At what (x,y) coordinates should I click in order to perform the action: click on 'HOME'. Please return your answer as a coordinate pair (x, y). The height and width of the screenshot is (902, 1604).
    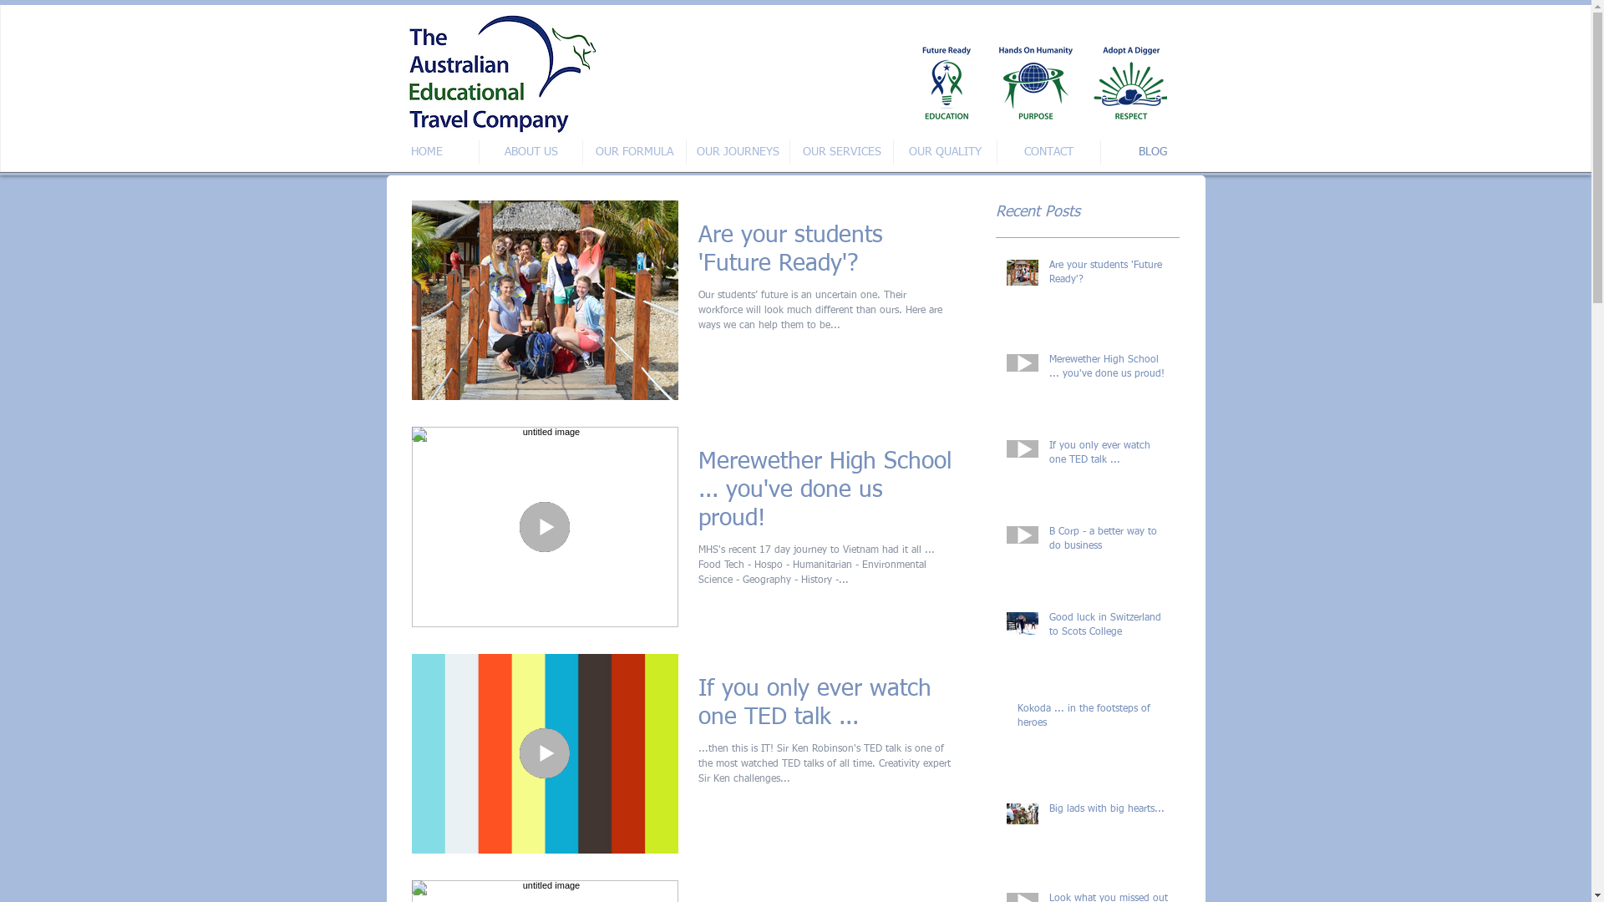
    Looking at the image, I should click on (426, 152).